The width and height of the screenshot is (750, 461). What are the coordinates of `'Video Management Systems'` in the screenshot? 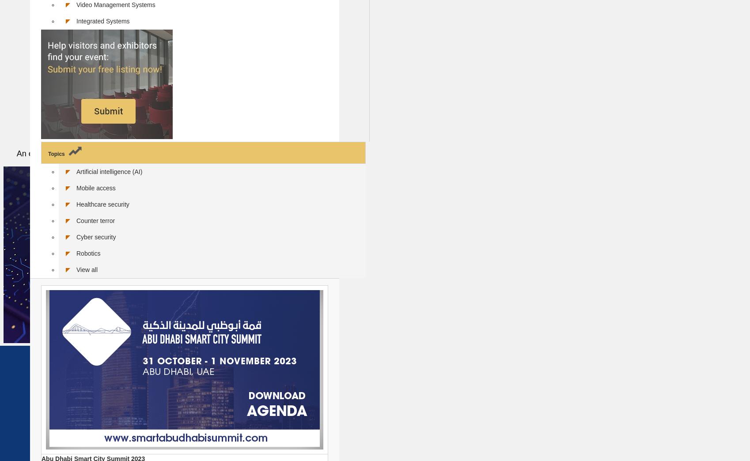 It's located at (115, 4).